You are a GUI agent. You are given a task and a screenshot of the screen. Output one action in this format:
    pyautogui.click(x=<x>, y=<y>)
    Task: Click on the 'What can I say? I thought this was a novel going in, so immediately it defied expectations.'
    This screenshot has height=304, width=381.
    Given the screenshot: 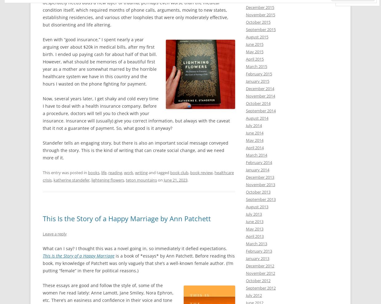 What is the action you would take?
    pyautogui.click(x=134, y=248)
    